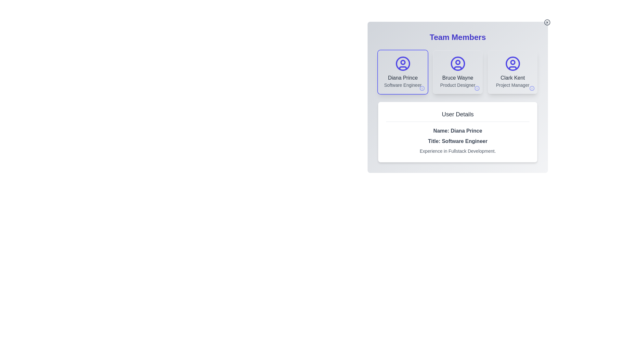 This screenshot has height=351, width=624. Describe the element at coordinates (402, 77) in the screenshot. I see `the Text Label displaying 'Diana Prince' located in the top-left card of the 'Team Members' section, which is positioned beneath a user profile icon and above the text 'Software Engineer.'` at that location.